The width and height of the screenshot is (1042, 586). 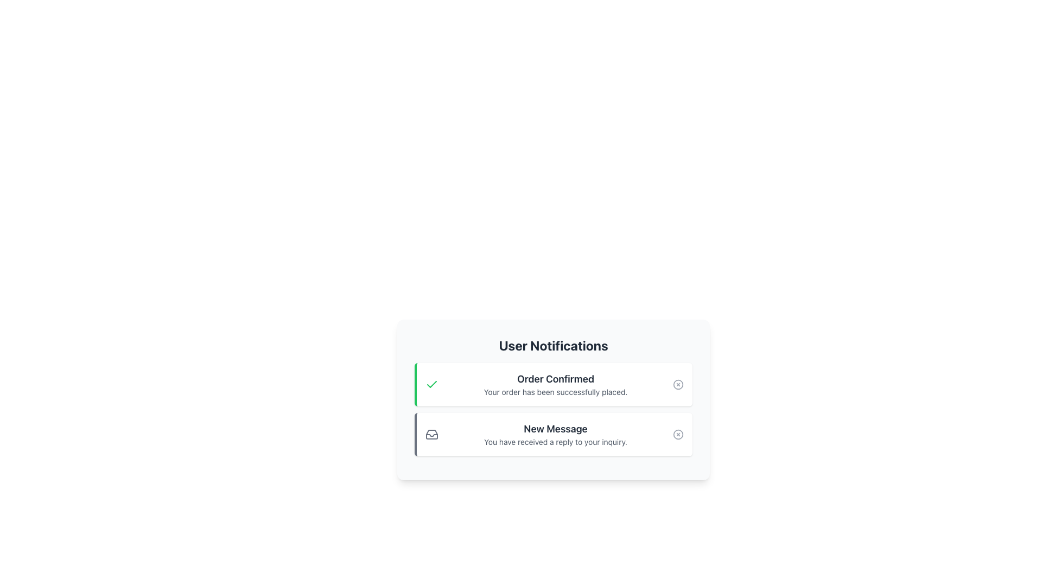 I want to click on the first notification card in the 'User Notifications' panel, which confirms an order and is located above the 'New Message' card, so click(x=553, y=399).